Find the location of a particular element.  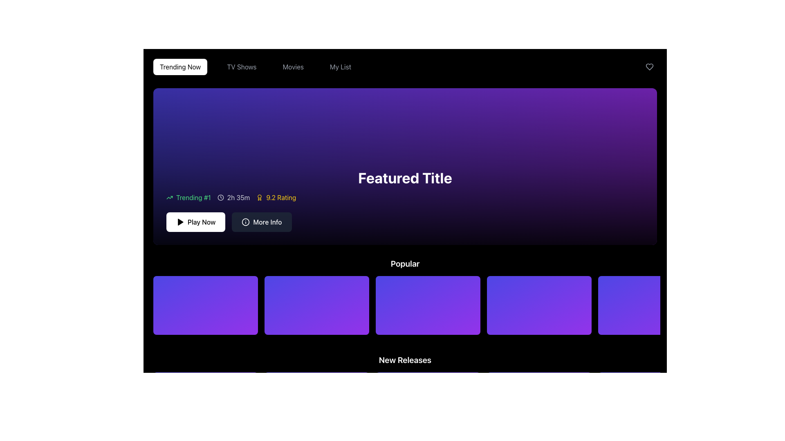

the first Media Thumbnail card in the 'Popular' section, which has a gradient background from purple to blue, to observe animations or tooltips is located at coordinates (206, 305).